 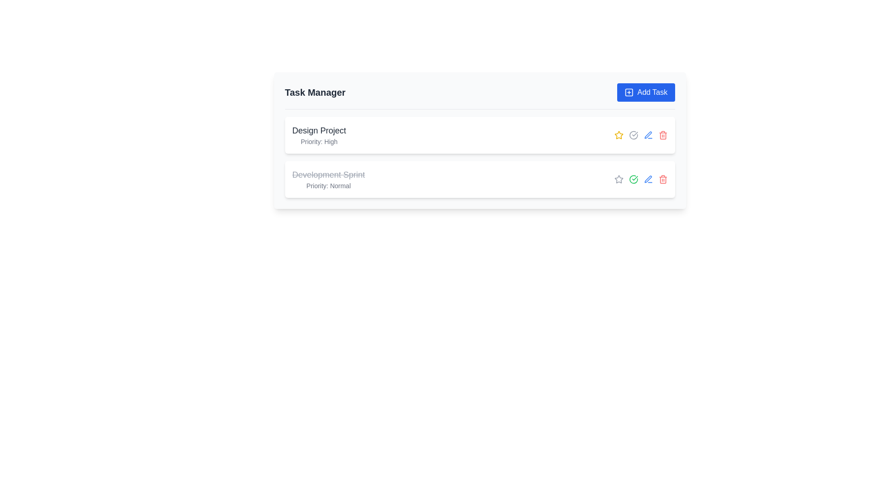 I want to click on the red trash can icon button, which is the fourth interactive element in a horizontal arrangement of icons, so click(x=663, y=179).